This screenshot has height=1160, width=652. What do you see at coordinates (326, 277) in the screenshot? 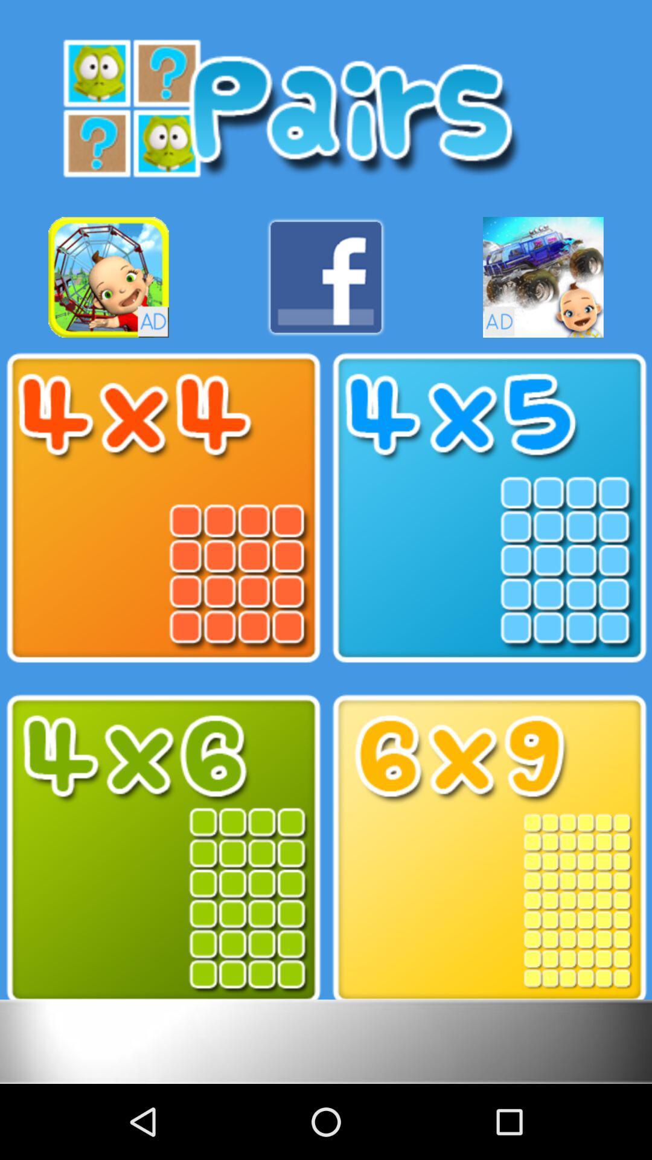
I see `facebook page` at bounding box center [326, 277].